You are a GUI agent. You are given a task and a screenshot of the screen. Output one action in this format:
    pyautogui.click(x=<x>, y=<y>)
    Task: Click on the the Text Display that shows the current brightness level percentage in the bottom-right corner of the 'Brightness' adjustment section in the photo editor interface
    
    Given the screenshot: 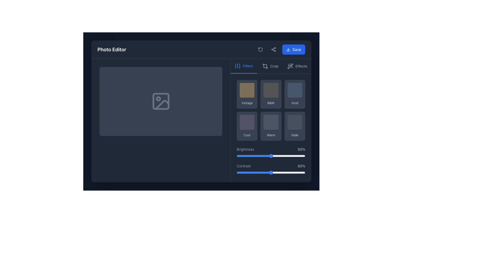 What is the action you would take?
    pyautogui.click(x=301, y=149)
    